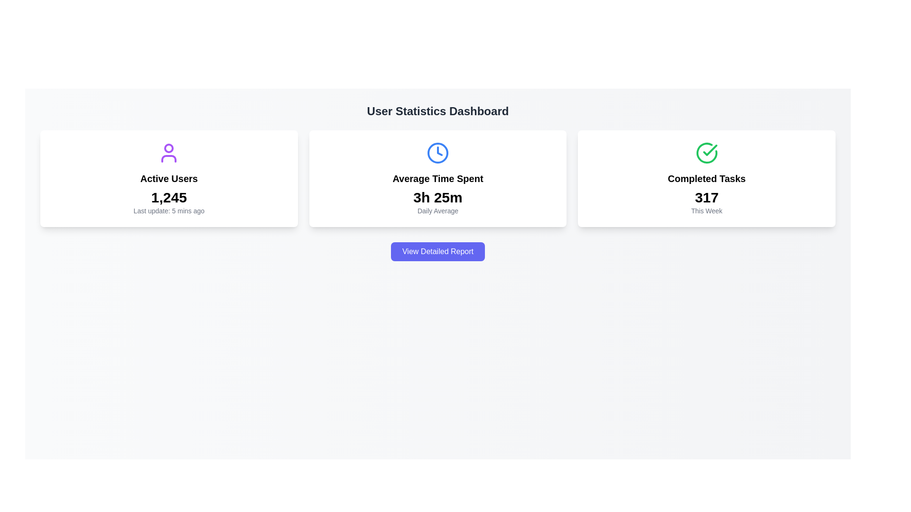 The image size is (911, 512). I want to click on the clock hands icon within the SVG graphic of the clock icon, which is part of the 'Average Time Spent' card, so click(439, 151).